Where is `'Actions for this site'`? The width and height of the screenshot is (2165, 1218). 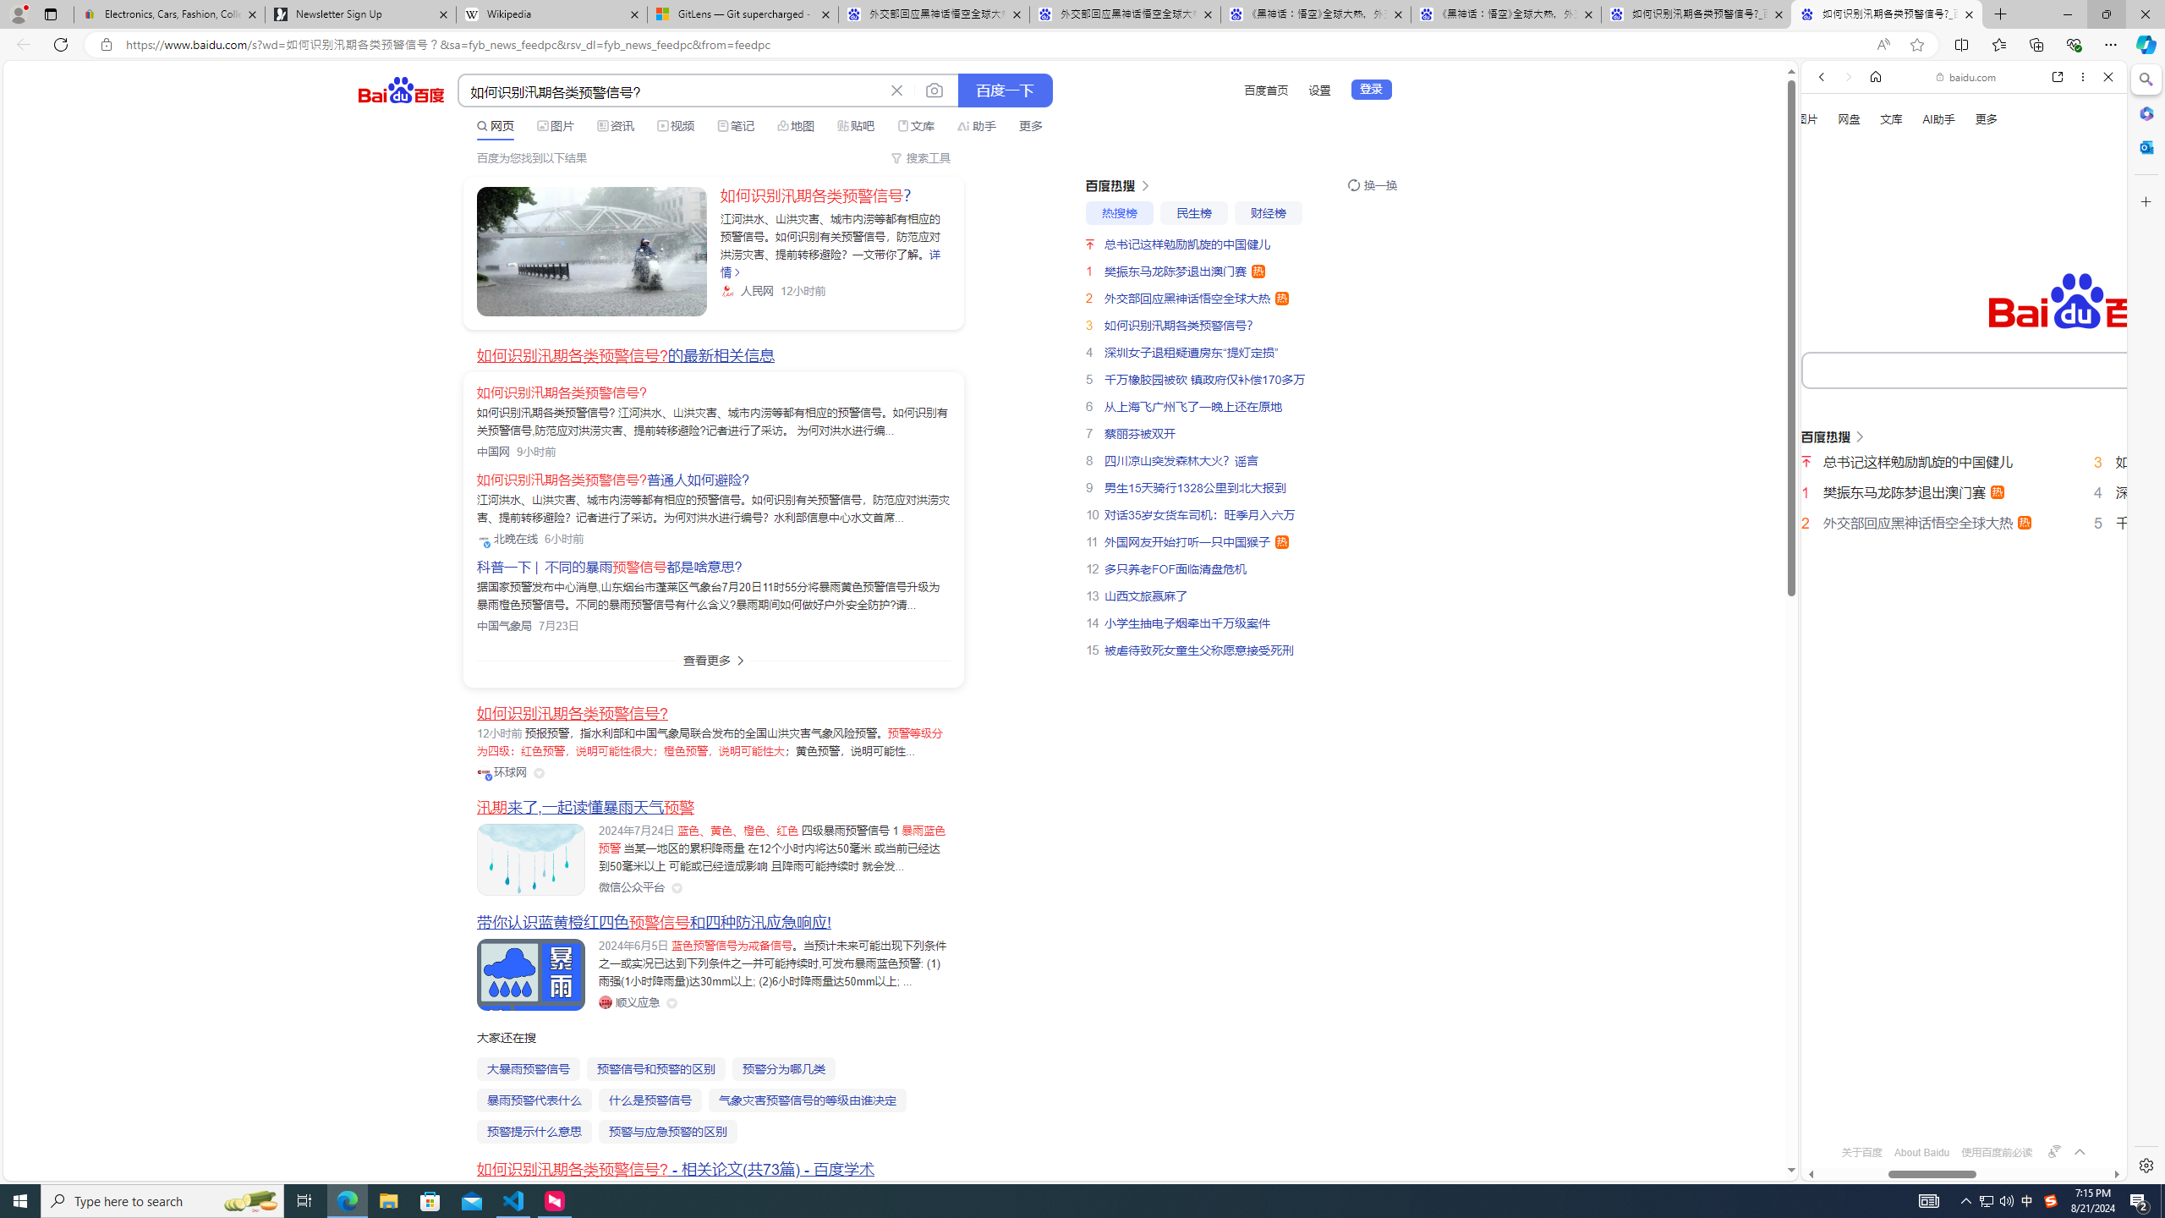 'Actions for this site' is located at coordinates (2054, 764).